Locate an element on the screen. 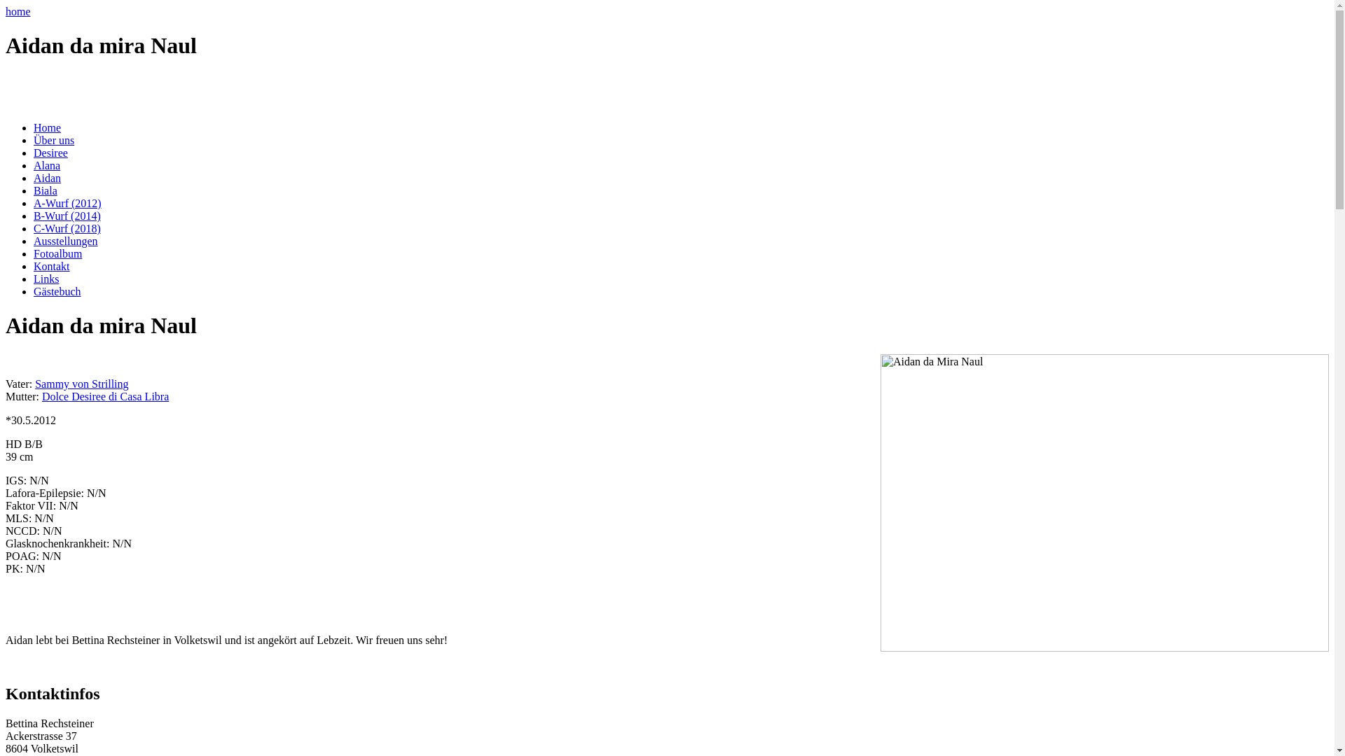 The image size is (1345, 756). 'Dolce Desiree di Casa Libra' is located at coordinates (104, 396).